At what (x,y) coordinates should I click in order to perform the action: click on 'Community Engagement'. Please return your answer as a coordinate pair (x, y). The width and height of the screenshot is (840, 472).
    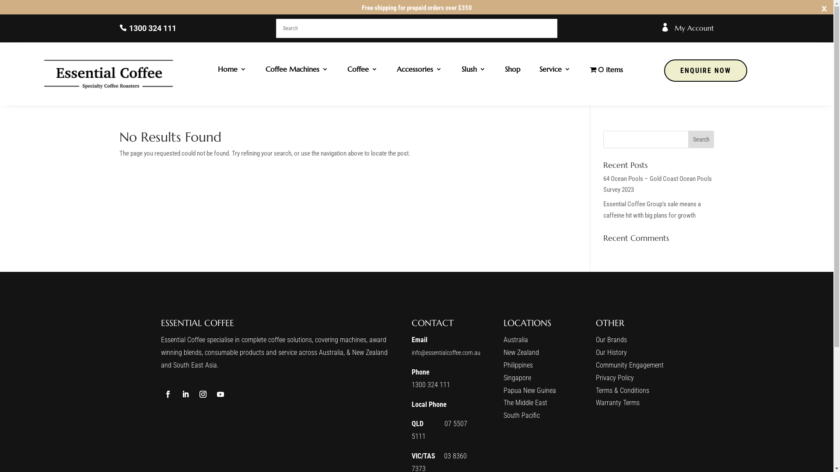
    Looking at the image, I should click on (595, 365).